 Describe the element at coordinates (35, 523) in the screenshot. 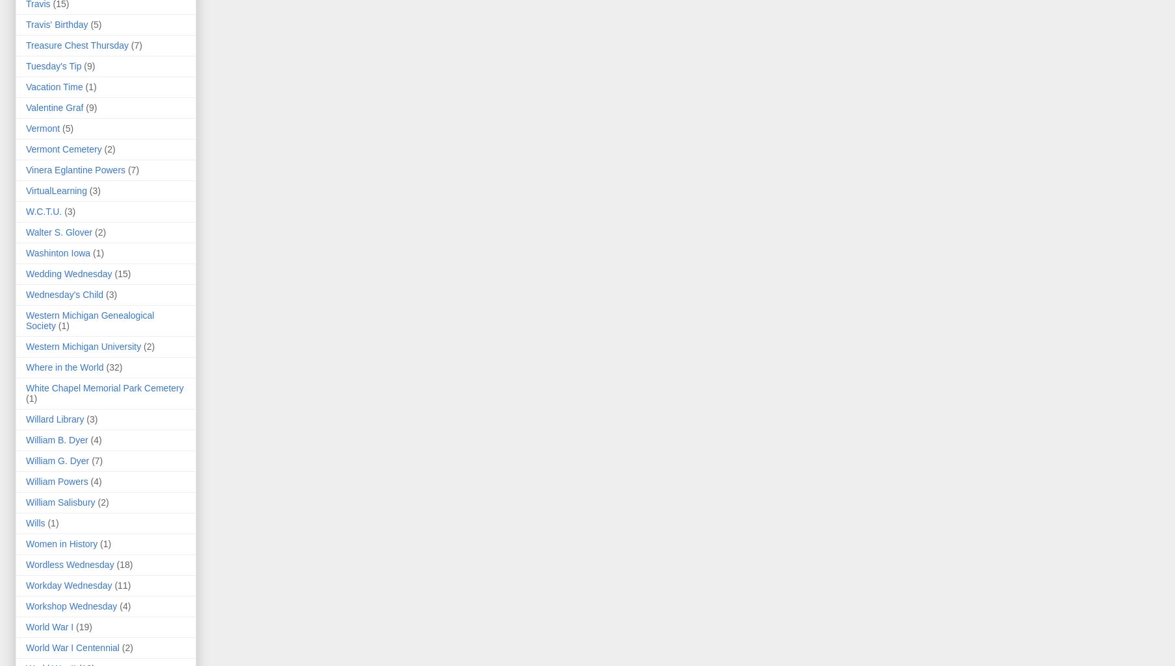

I see `'Wills'` at that location.